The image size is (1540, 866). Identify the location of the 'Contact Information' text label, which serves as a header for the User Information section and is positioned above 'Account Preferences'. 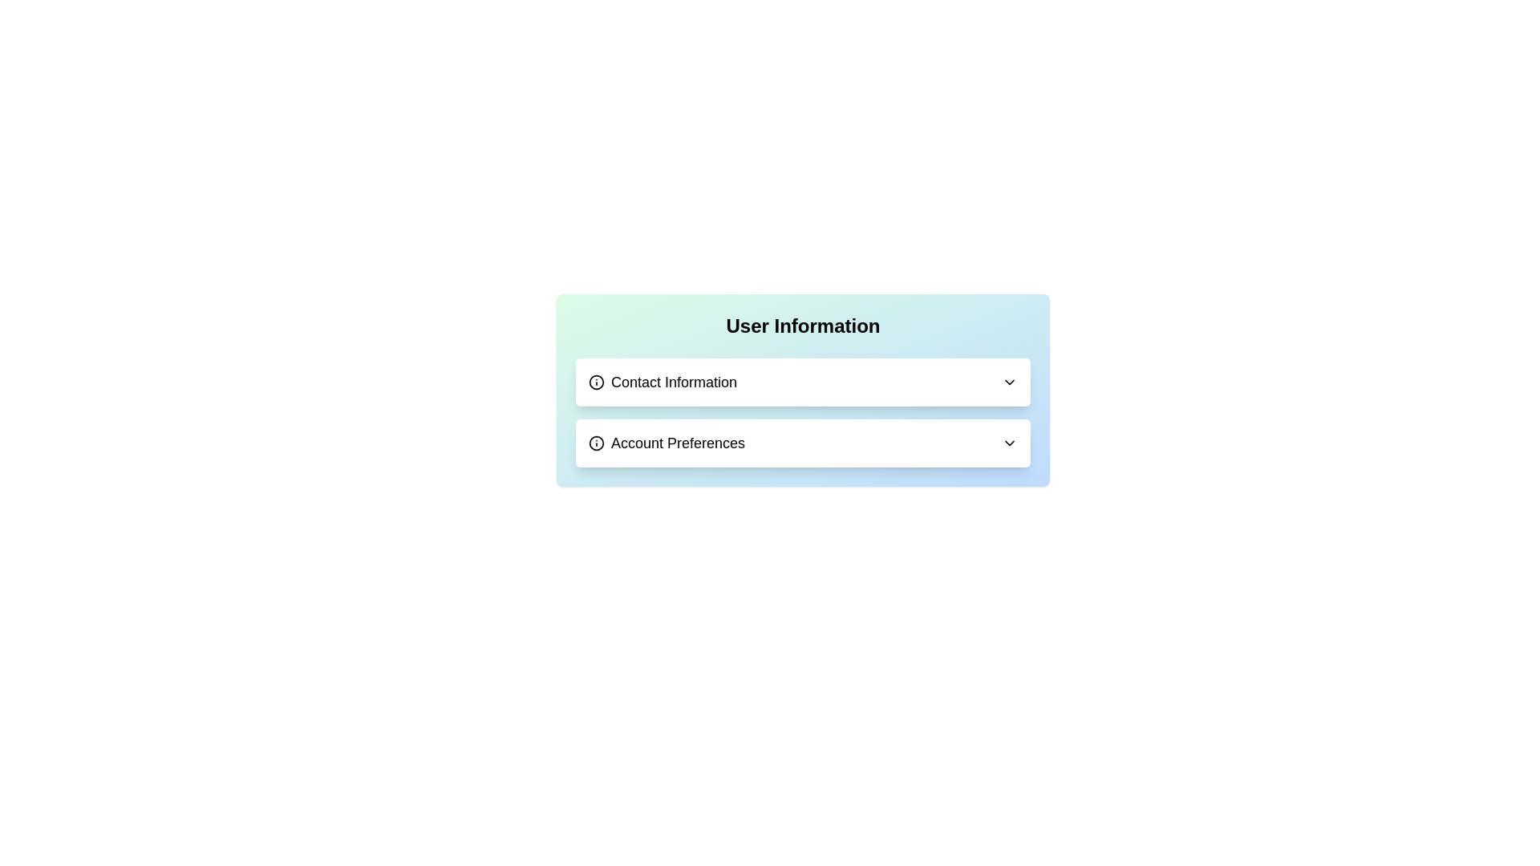
(663, 382).